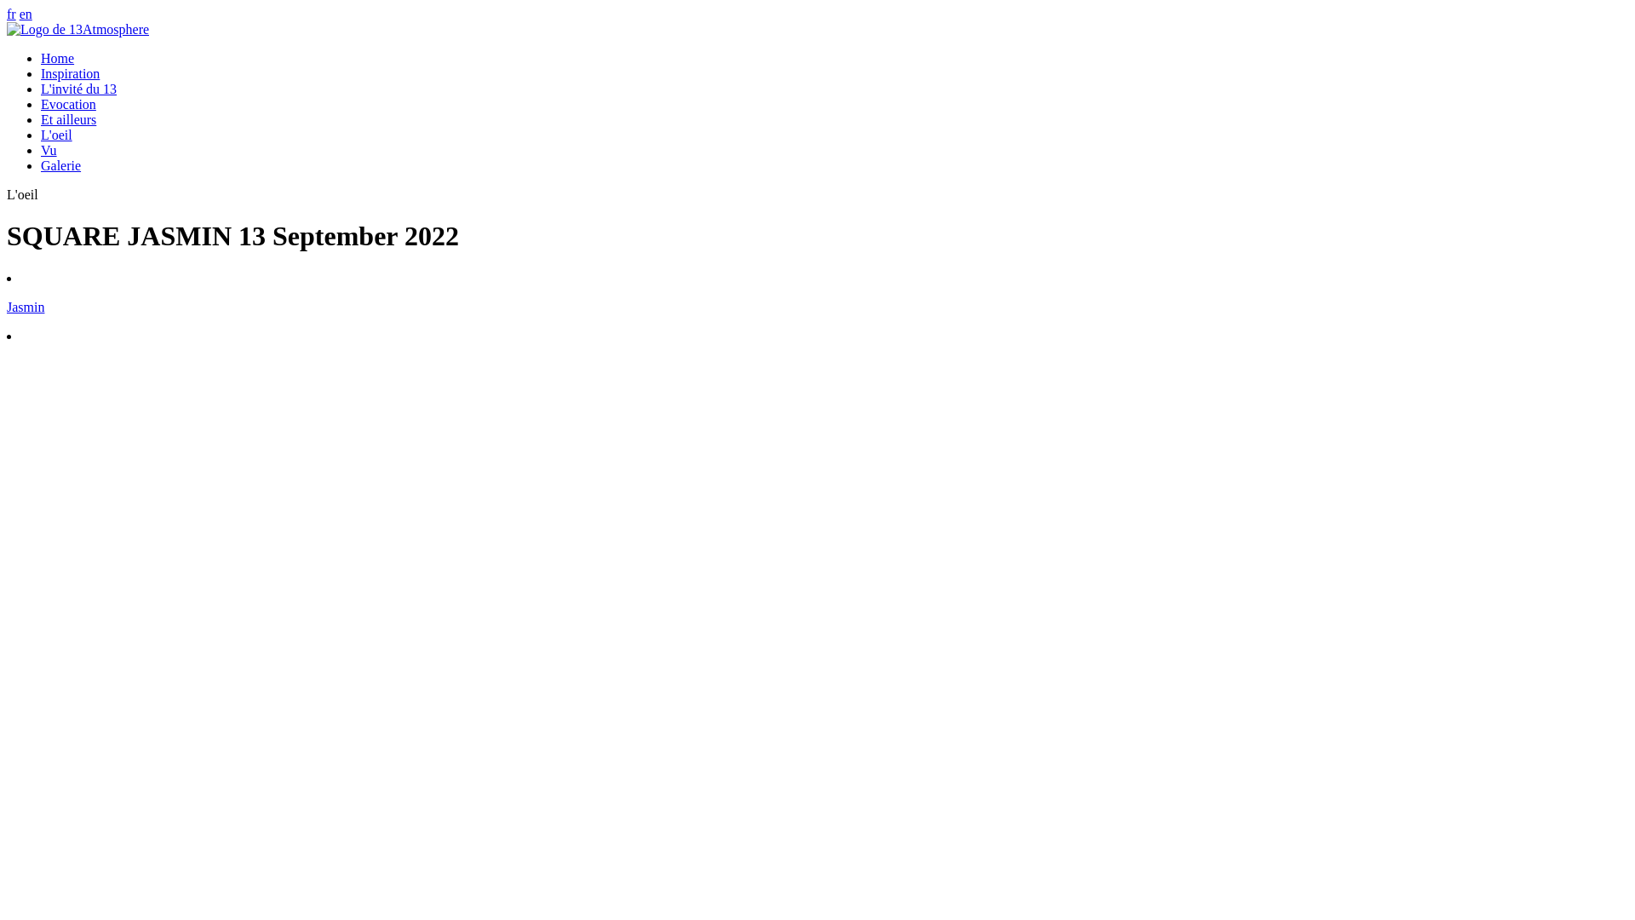  I want to click on 'Galerie', so click(60, 165).